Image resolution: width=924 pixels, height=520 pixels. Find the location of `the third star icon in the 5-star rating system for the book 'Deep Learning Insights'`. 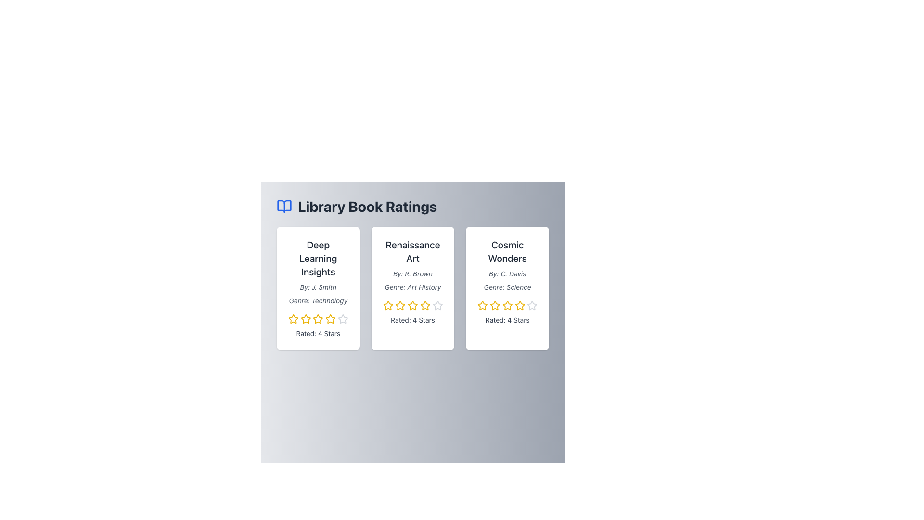

the third star icon in the 5-star rating system for the book 'Deep Learning Insights' is located at coordinates (305, 319).